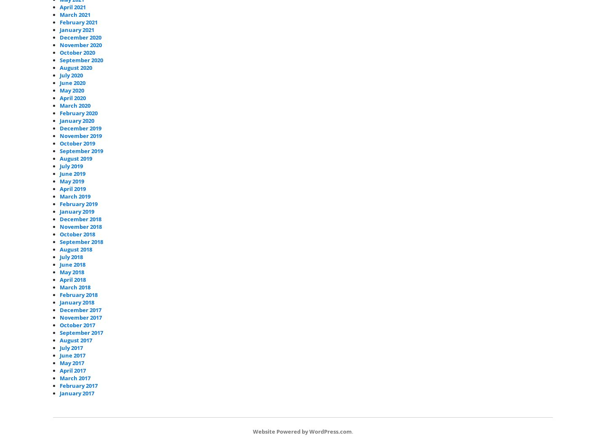 This screenshot has height=445, width=606. I want to click on 'May 2018', so click(71, 271).